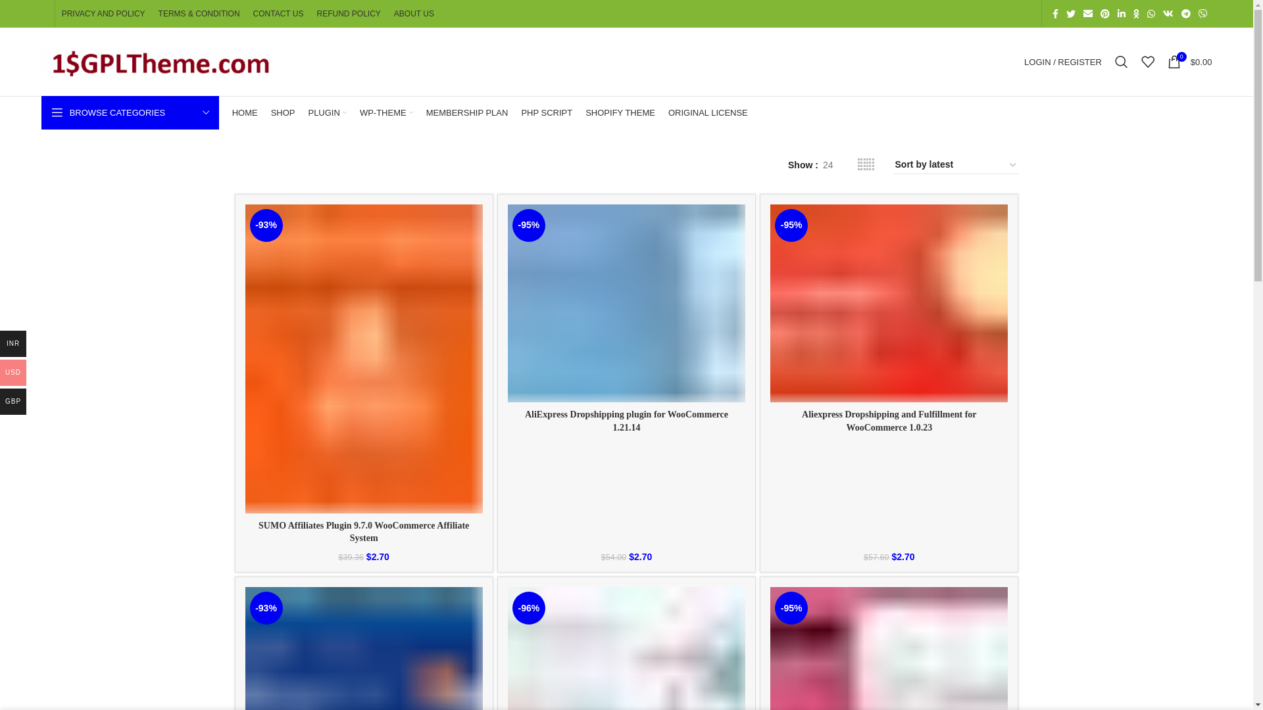 This screenshot has width=1263, height=710. Describe the element at coordinates (1147, 61) in the screenshot. I see `'My Wishlist'` at that location.